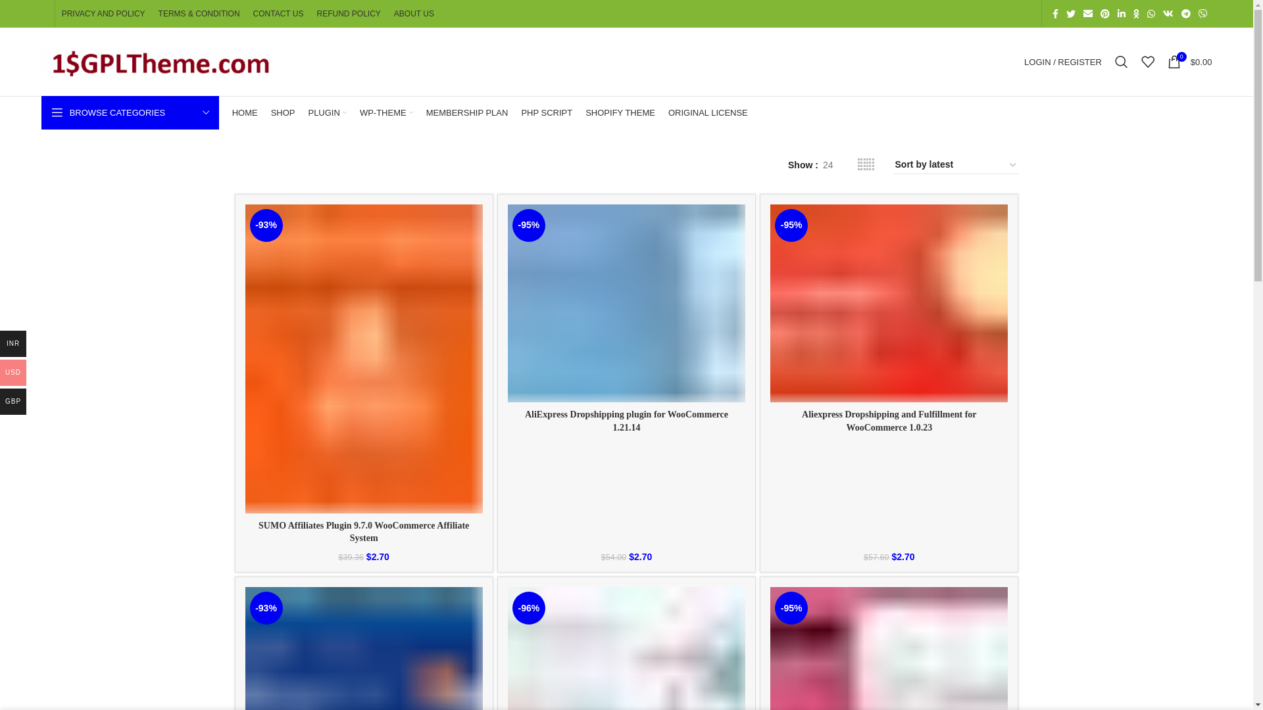 This screenshot has width=1263, height=710. Describe the element at coordinates (1147, 61) in the screenshot. I see `'My Wishlist'` at that location.